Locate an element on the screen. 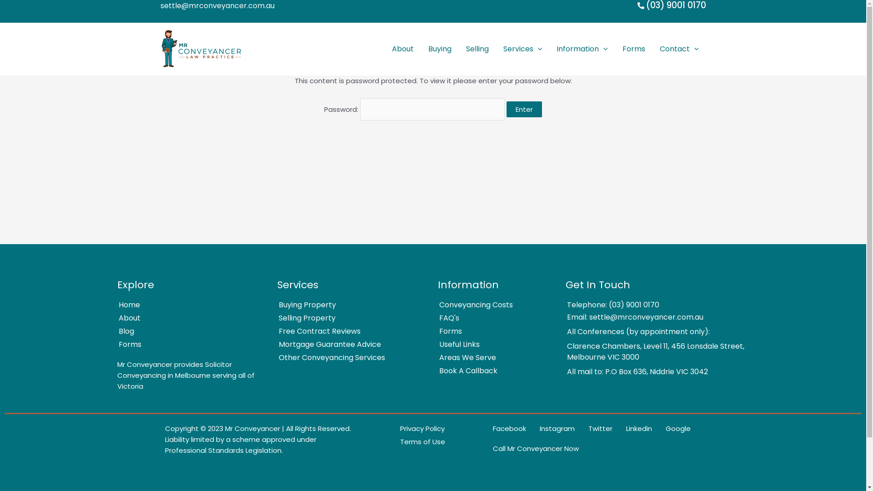  'Forms' is located at coordinates (187, 345).